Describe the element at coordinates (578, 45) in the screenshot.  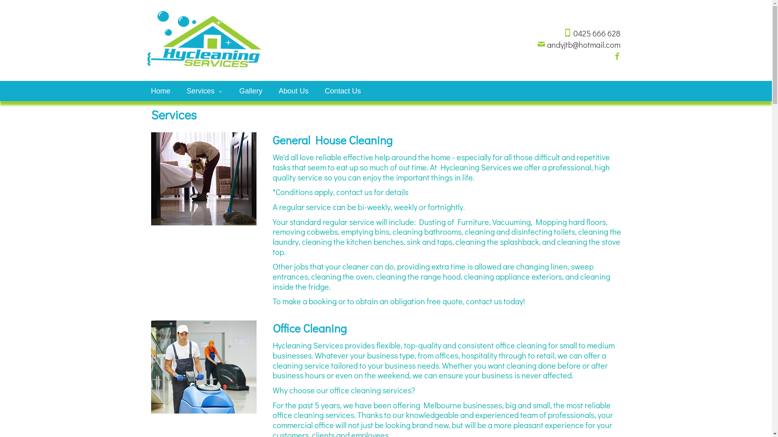
I see `'andyjtb@hotmail.com'` at that location.